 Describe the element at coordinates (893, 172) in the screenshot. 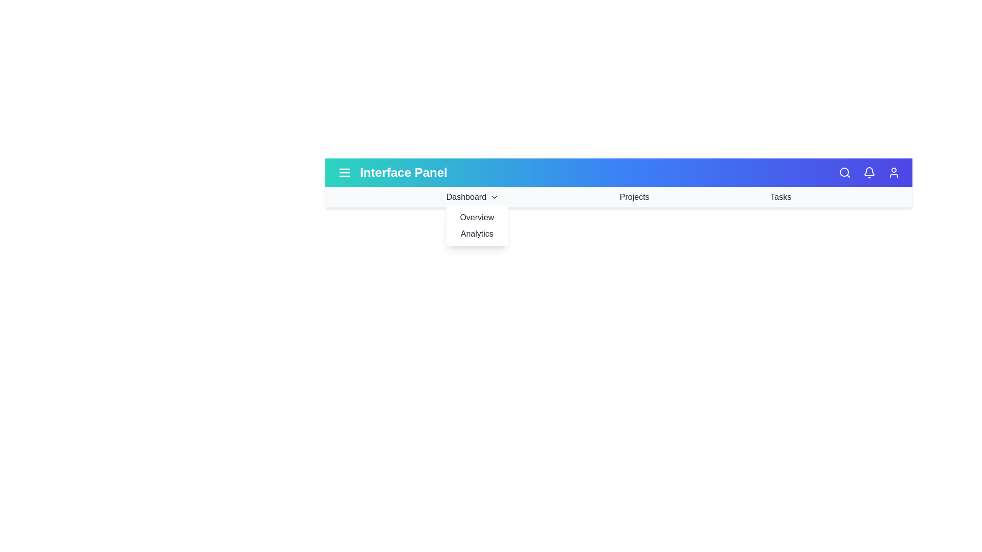

I see `the user profile icon` at that location.